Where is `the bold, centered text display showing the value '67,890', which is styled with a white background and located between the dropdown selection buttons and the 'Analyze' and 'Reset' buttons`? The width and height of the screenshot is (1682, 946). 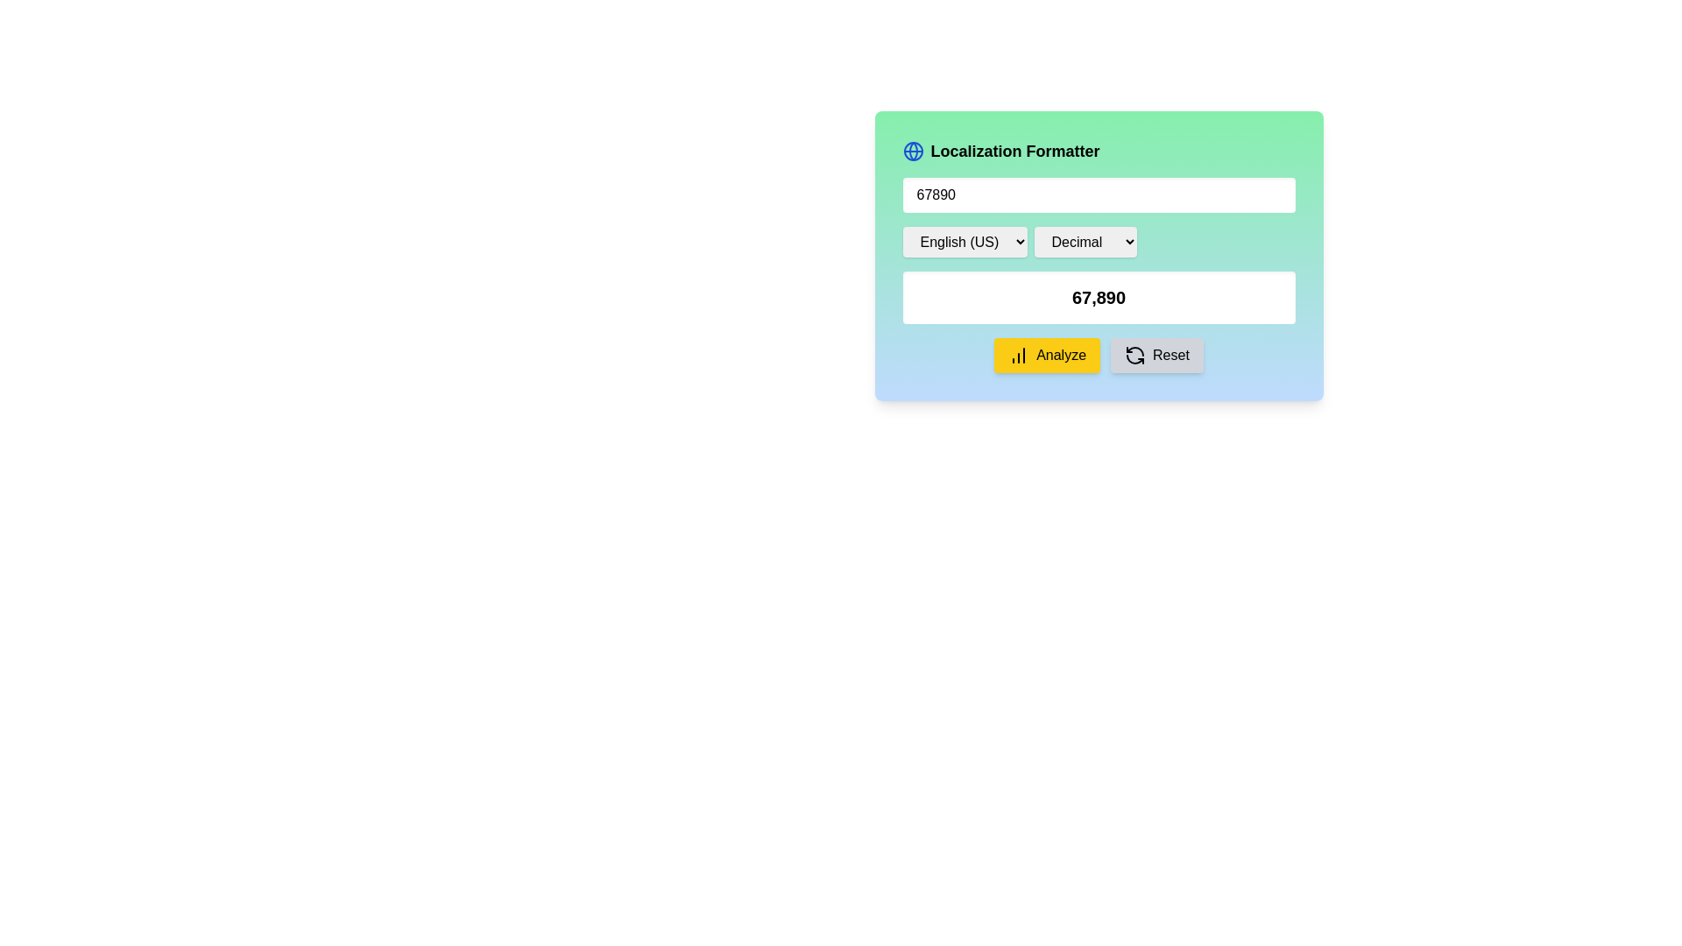
the bold, centered text display showing the value '67,890', which is styled with a white background and located between the dropdown selection buttons and the 'Analyze' and 'Reset' buttons is located at coordinates (1098, 296).